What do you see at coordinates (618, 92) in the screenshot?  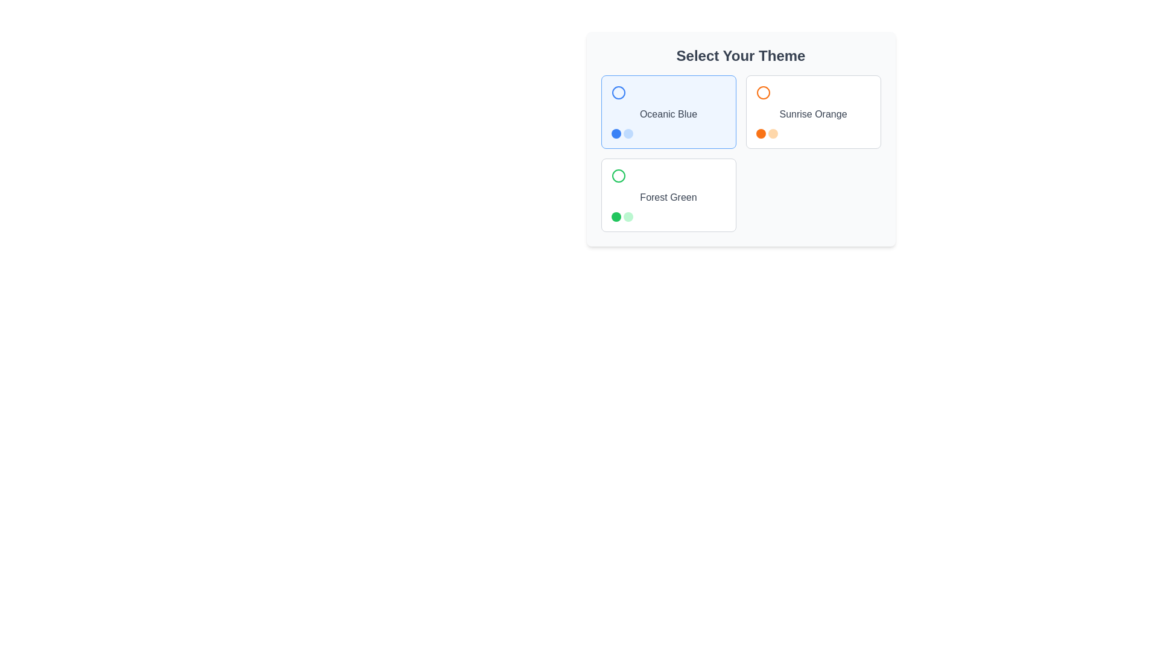 I see `the SVG circle indicating the active 'Oceanic Blue' theme option located at the top-left of the theme selection card` at bounding box center [618, 92].